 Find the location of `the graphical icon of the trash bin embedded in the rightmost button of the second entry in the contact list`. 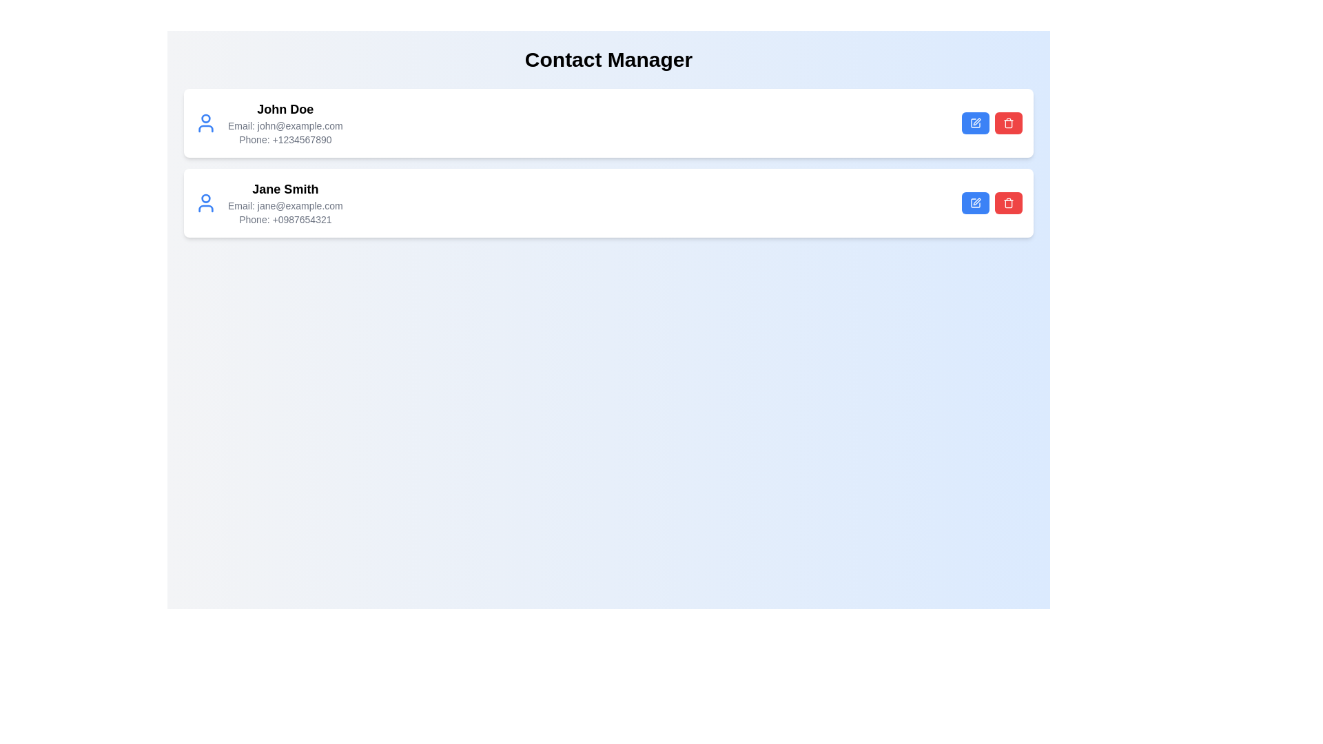

the graphical icon of the trash bin embedded in the rightmost button of the second entry in the contact list is located at coordinates (1009, 122).